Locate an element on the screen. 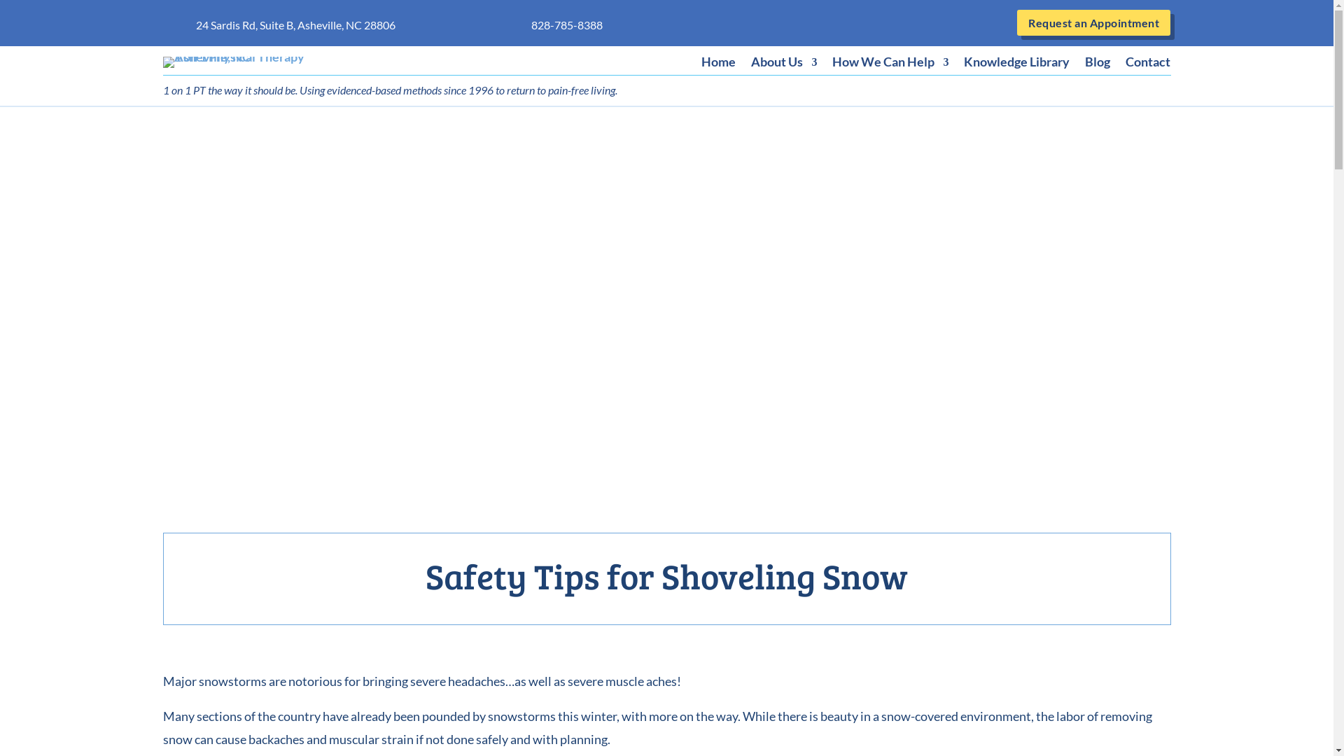  'Request an Appointment' is located at coordinates (1017, 22).